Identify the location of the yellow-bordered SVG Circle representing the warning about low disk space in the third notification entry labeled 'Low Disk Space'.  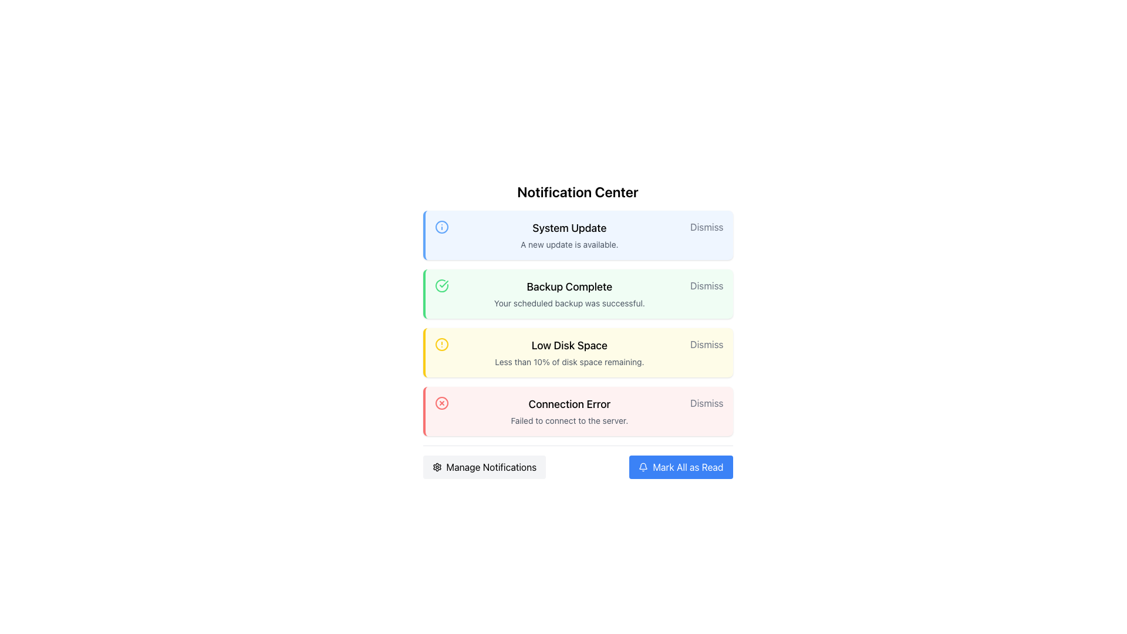
(441, 343).